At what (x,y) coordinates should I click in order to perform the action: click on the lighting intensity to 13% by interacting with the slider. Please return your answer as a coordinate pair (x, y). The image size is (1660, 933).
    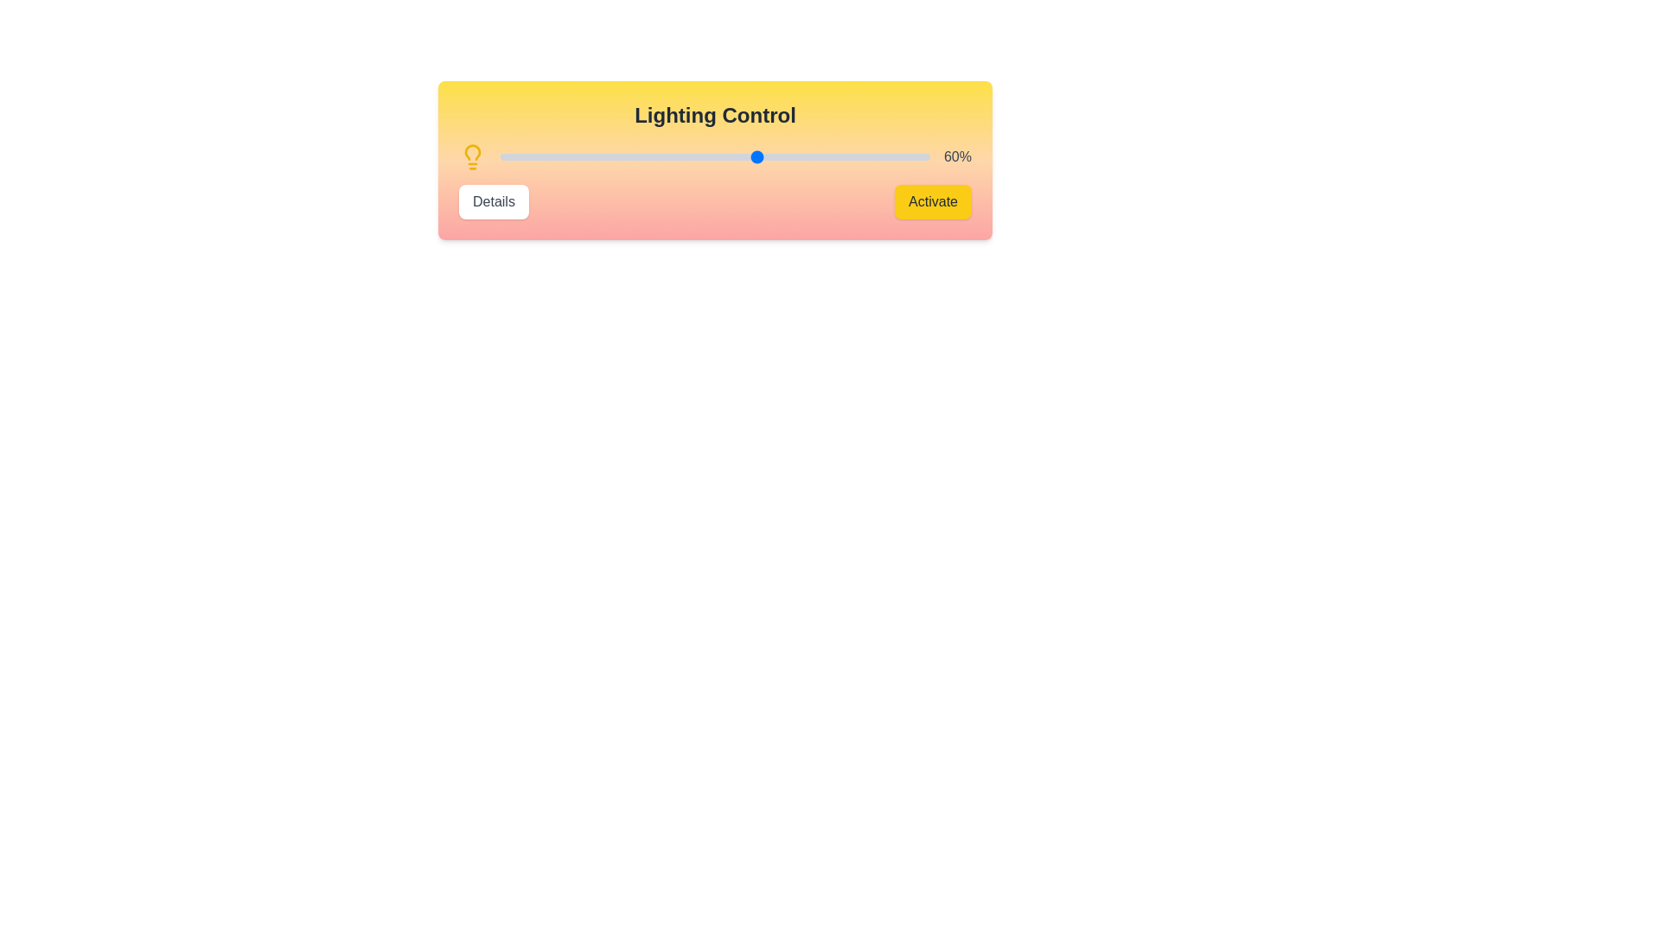
    Looking at the image, I should click on (556, 156).